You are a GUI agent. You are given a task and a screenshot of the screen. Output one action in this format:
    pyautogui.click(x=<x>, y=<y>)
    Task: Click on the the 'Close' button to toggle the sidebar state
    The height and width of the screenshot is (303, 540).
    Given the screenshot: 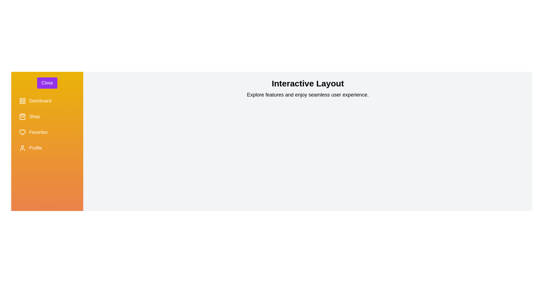 What is the action you would take?
    pyautogui.click(x=47, y=83)
    